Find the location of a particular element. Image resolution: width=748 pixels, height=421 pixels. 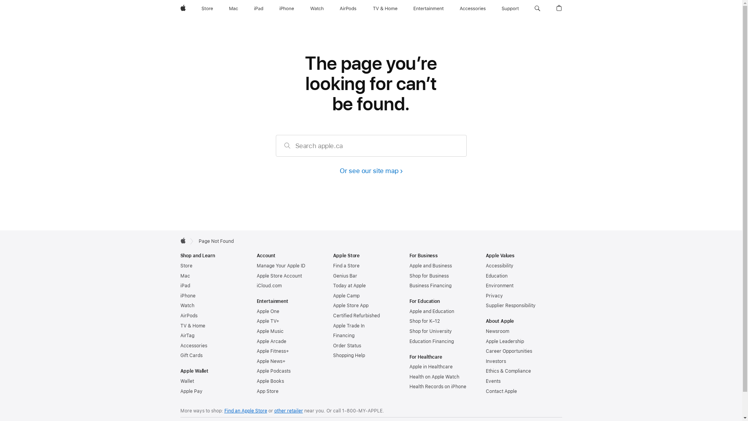

'Privacy' is located at coordinates (485, 296).